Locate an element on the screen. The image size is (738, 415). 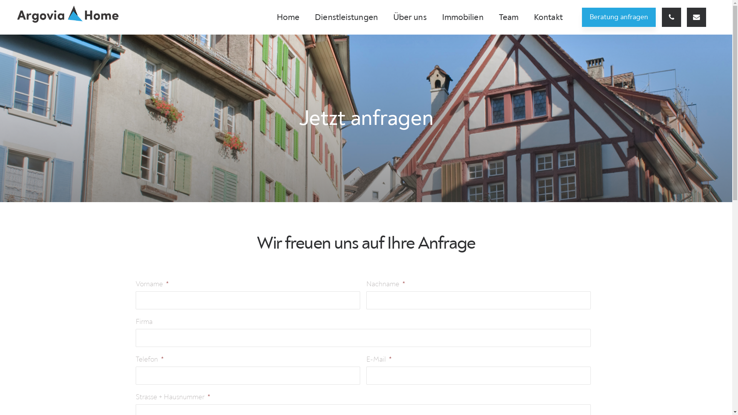
'Immobilien' is located at coordinates (462, 17).